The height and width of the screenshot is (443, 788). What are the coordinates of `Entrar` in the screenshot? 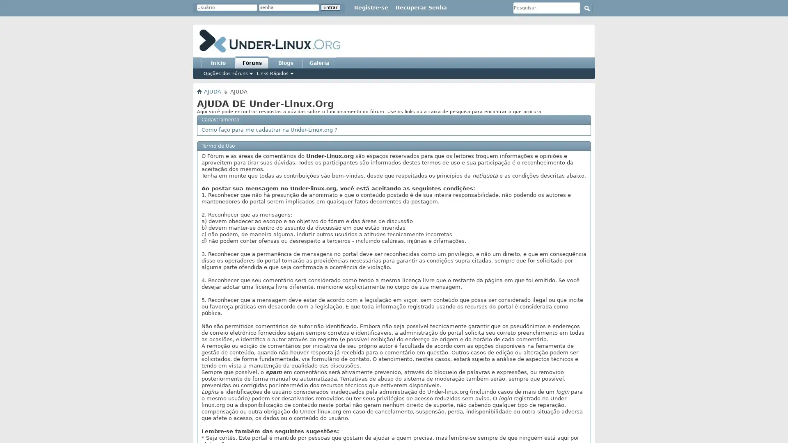 It's located at (330, 7).